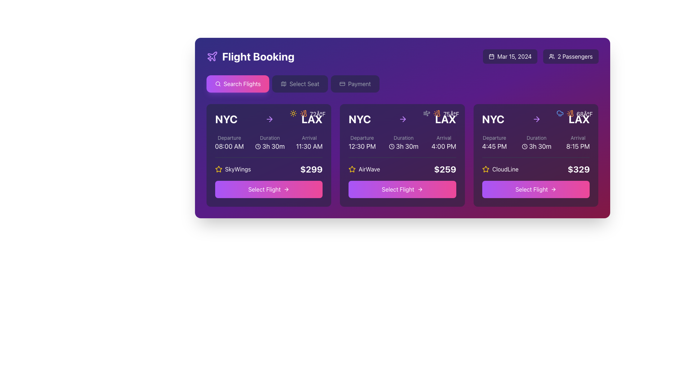 The width and height of the screenshot is (692, 389). What do you see at coordinates (451, 113) in the screenshot?
I see `the temperature text element located on the right side of the middle card in the row of flight options, which is adjacent to a thermometer icon` at bounding box center [451, 113].